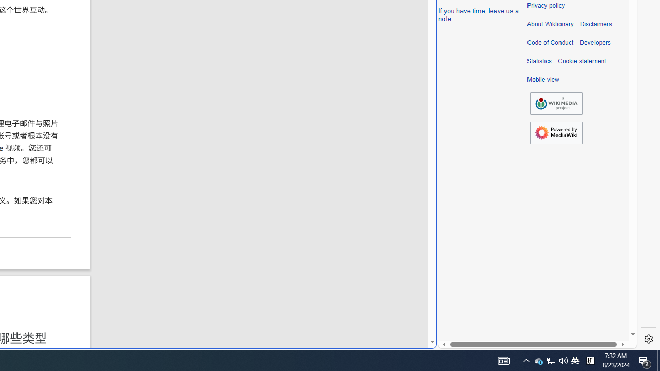 The height and width of the screenshot is (371, 660). Describe the element at coordinates (595, 42) in the screenshot. I see `'Developers'` at that location.